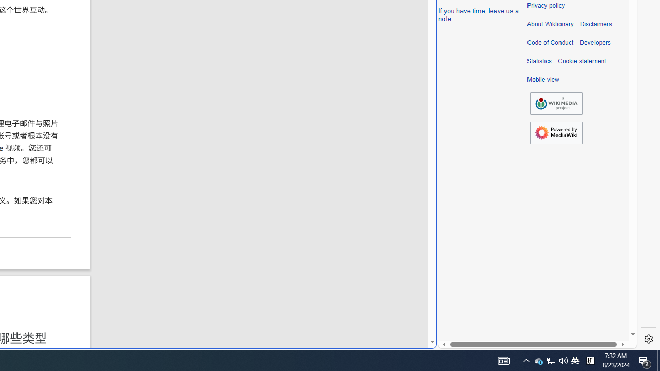 The height and width of the screenshot is (371, 660). Describe the element at coordinates (595, 42) in the screenshot. I see `'Developers'` at that location.